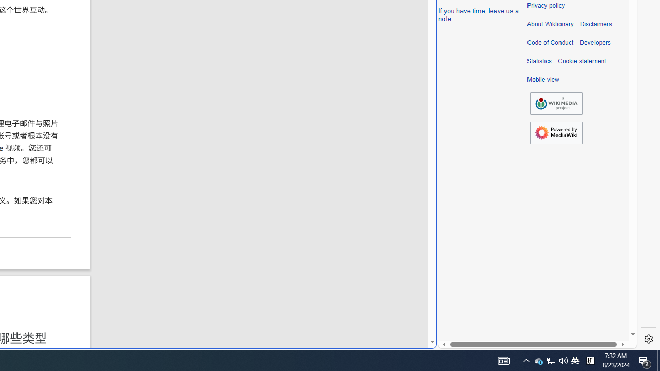 The height and width of the screenshot is (371, 660). Describe the element at coordinates (595, 42) in the screenshot. I see `'Developers'` at that location.